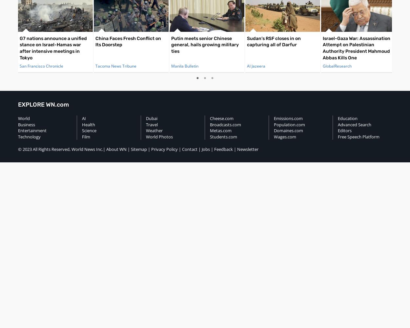  What do you see at coordinates (208, 27) in the screenshot?
I see `'AP / Sergei Bobylev, Sputnik, Kremlin Pool Photo'` at bounding box center [208, 27].